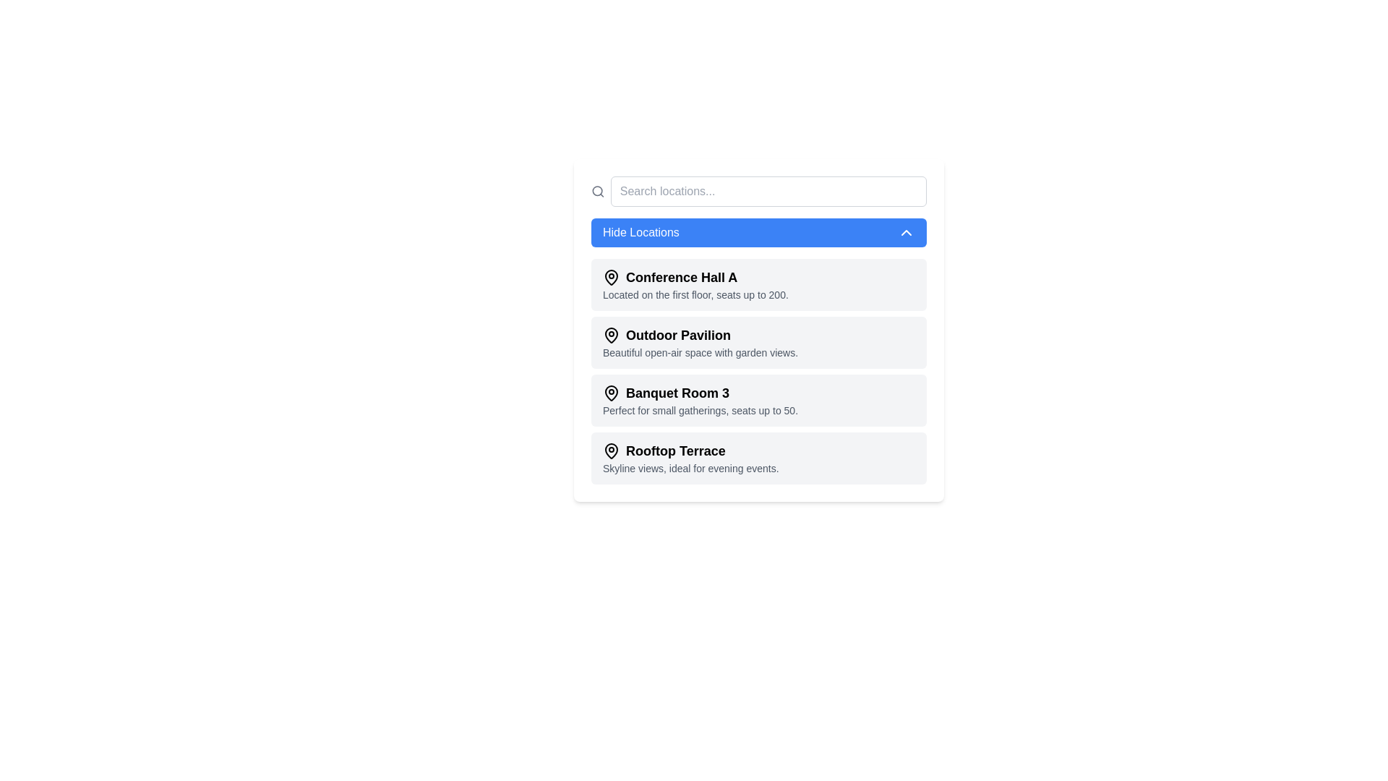 The height and width of the screenshot is (781, 1388). I want to click on the text display for 'Banquet Room 3', which includes the title and description along with a map pin icon, located in the middle region of the card interface, so click(701, 401).